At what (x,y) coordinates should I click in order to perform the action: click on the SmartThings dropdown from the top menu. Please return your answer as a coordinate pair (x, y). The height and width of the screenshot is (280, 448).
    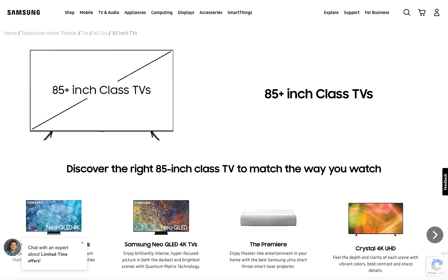
    Looking at the image, I should click on (239, 12).